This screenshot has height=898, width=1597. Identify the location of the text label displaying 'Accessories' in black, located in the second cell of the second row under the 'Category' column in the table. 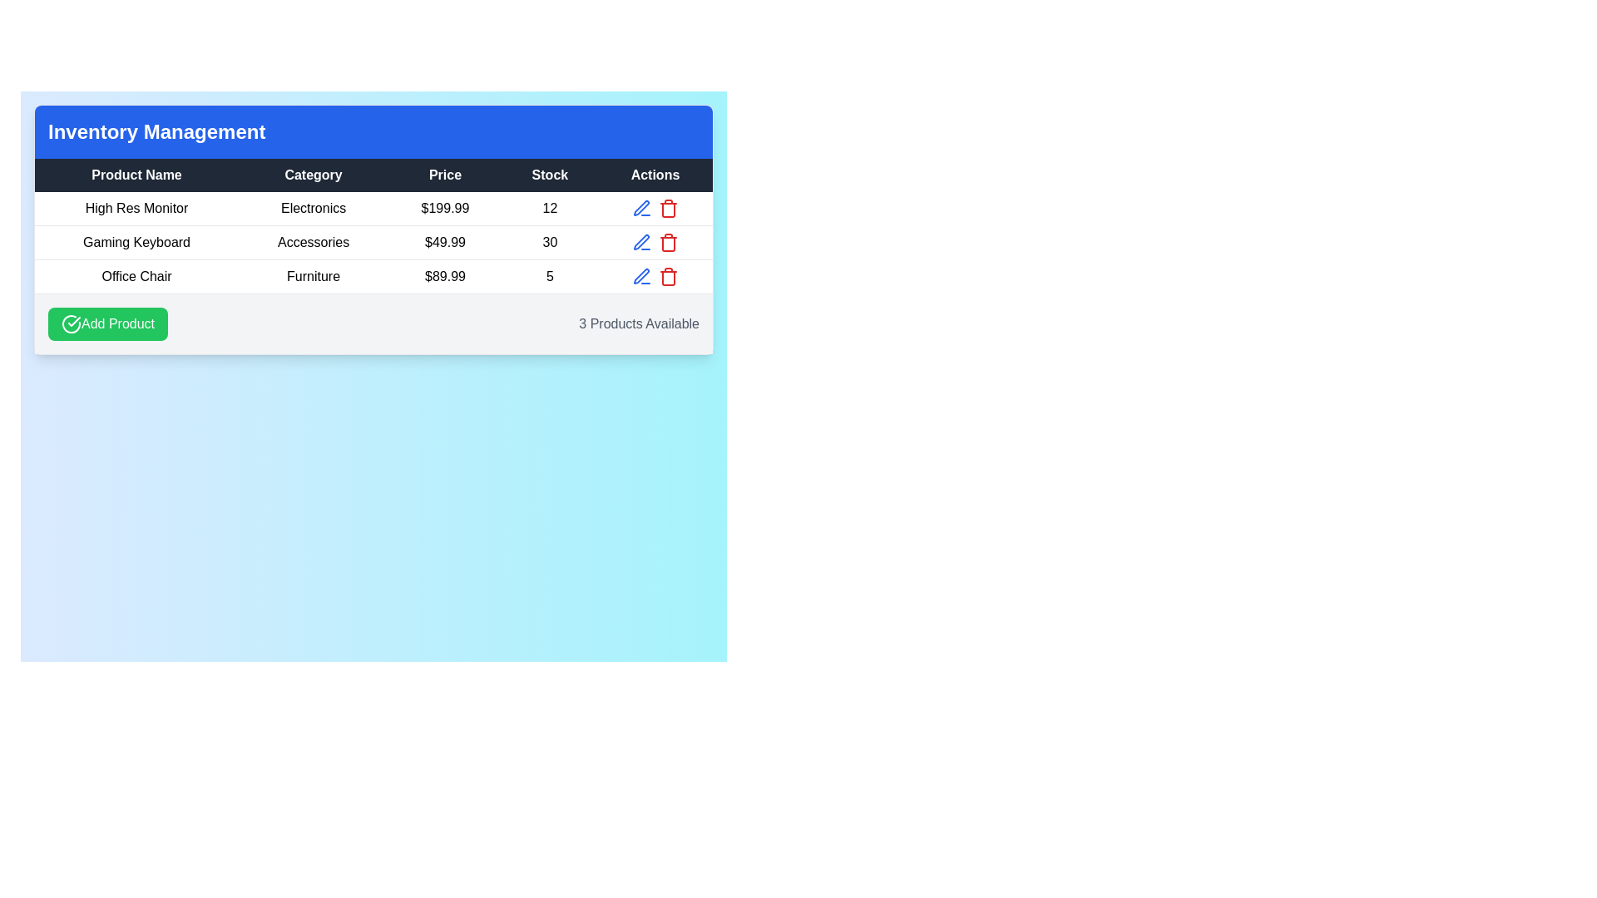
(314, 243).